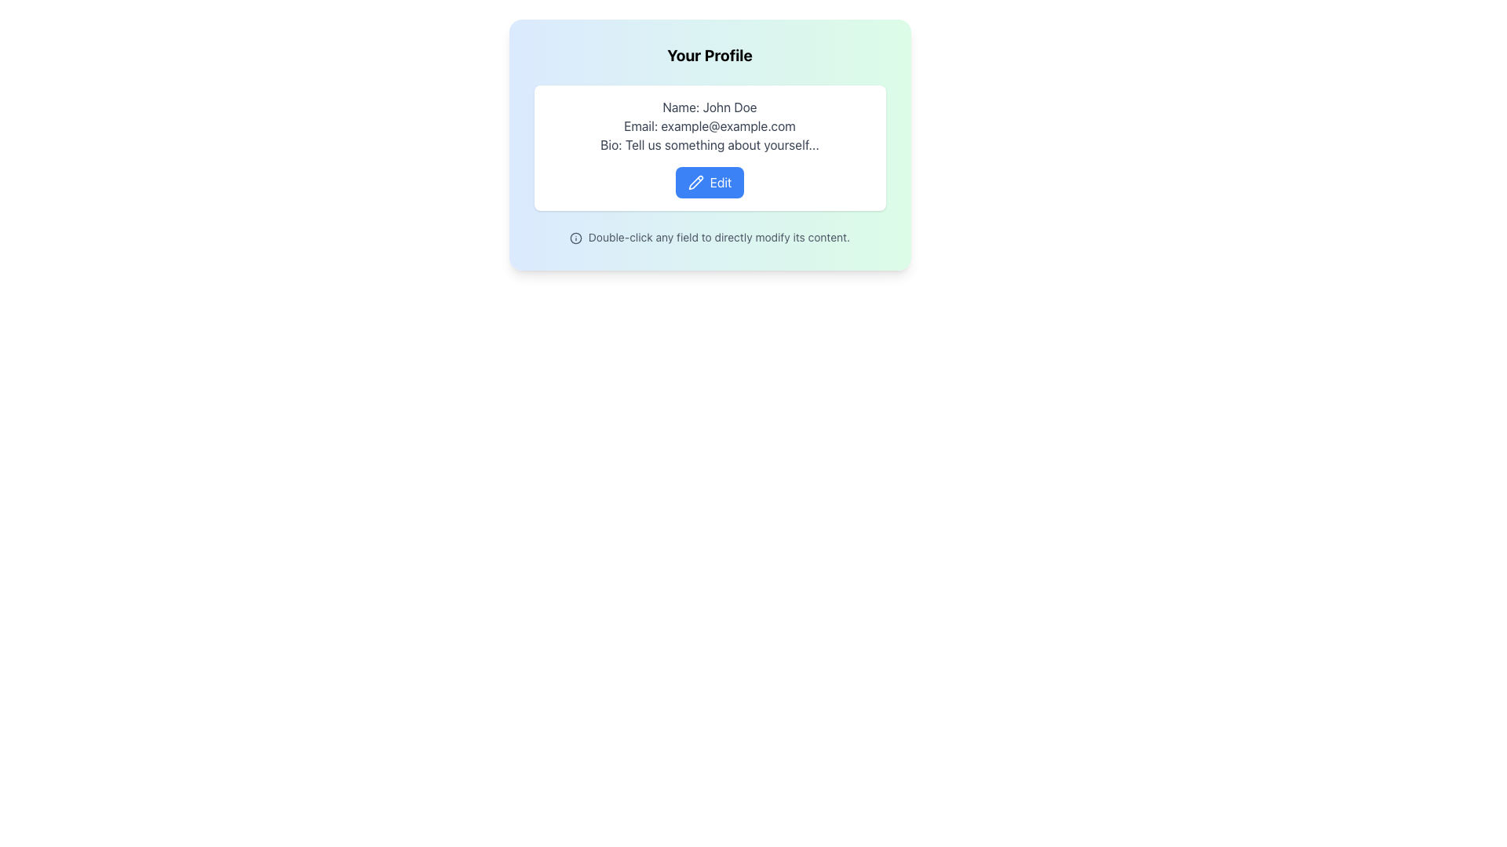 This screenshot has width=1507, height=847. Describe the element at coordinates (709, 107) in the screenshot. I see `the static text label displaying the user's name in the profile overview section` at that location.